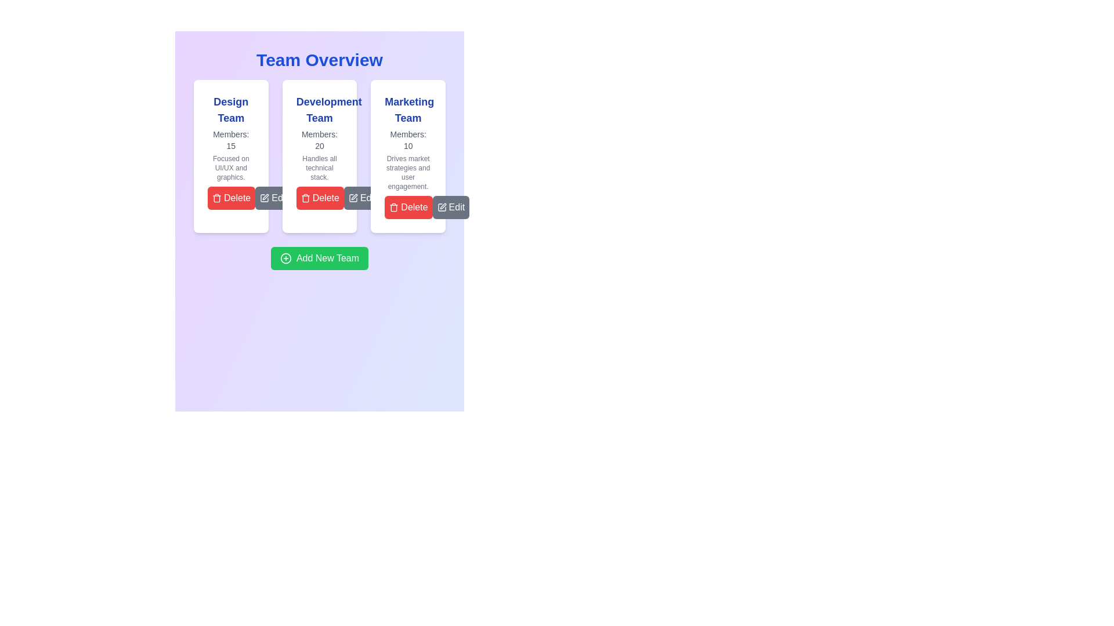 This screenshot has height=626, width=1114. What do you see at coordinates (305, 198) in the screenshot?
I see `the trash bin icon with a red background inside the 'Delete' button to initiate a delete action` at bounding box center [305, 198].